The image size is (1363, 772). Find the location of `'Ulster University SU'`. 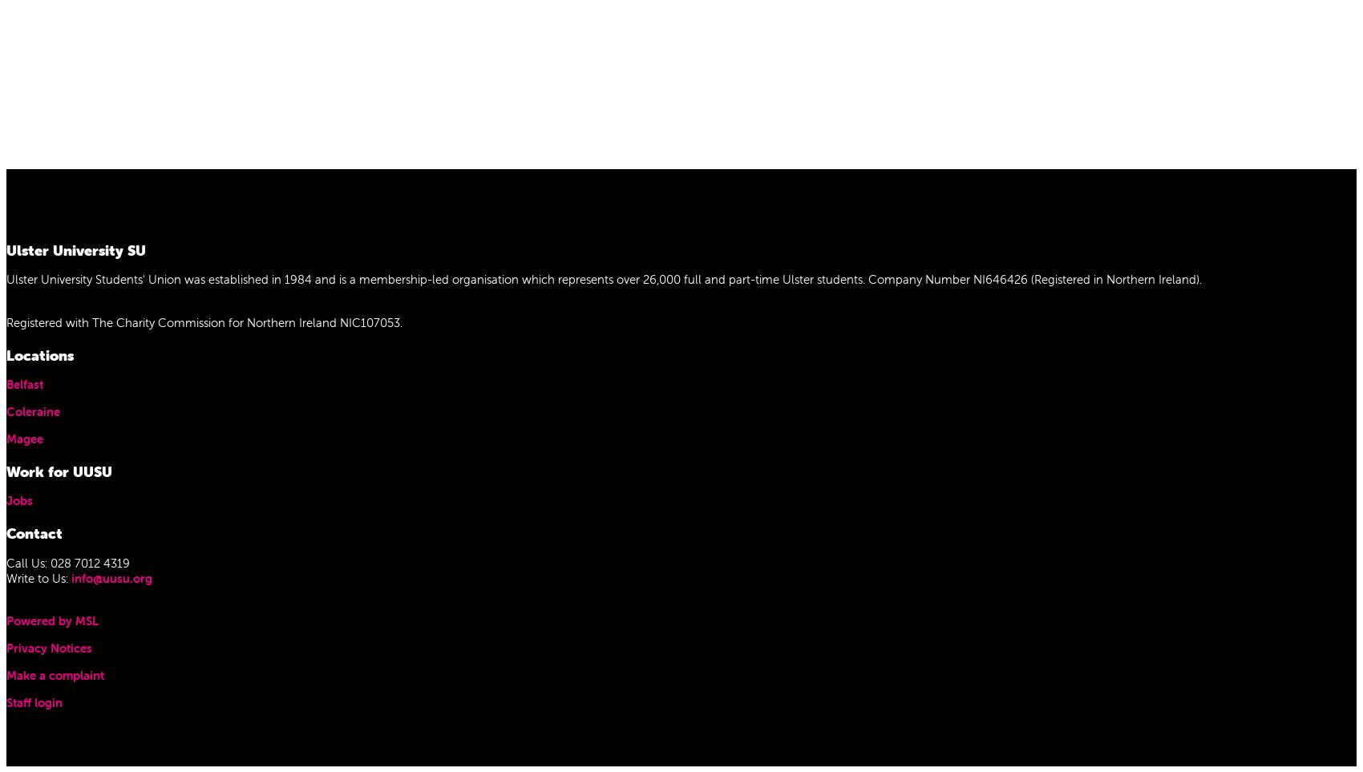

'Ulster University SU' is located at coordinates (76, 250).